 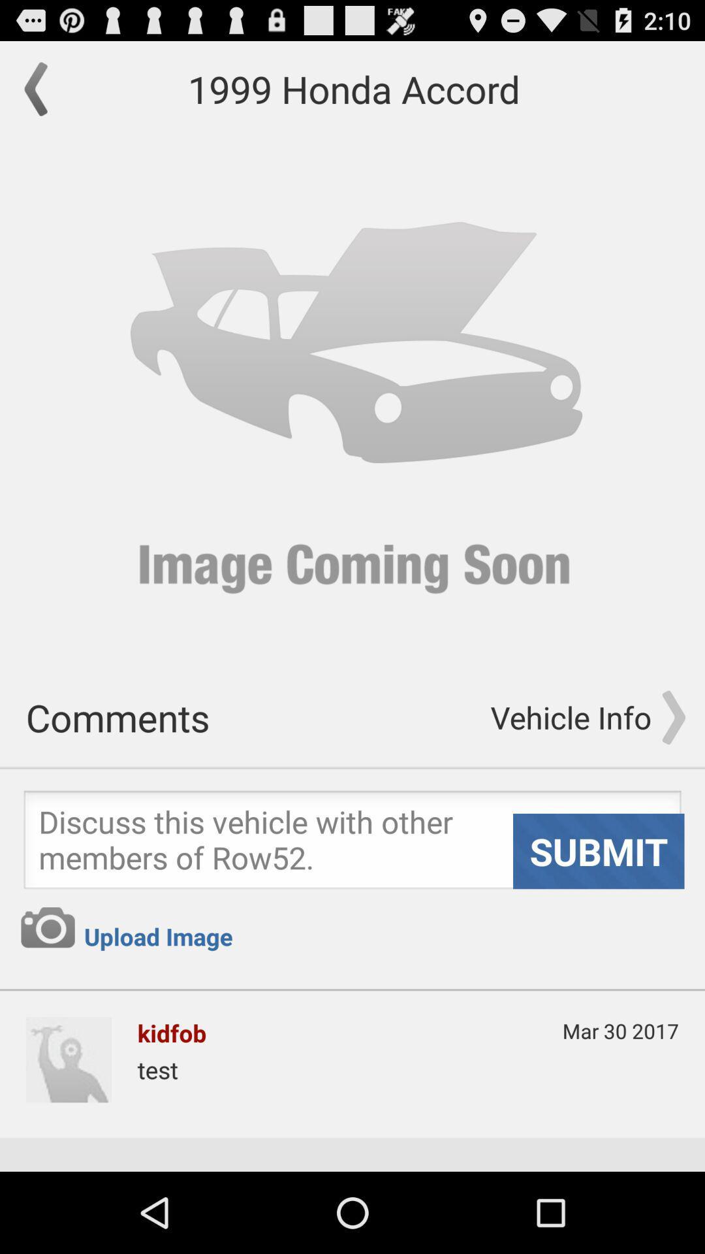 I want to click on type and submit a comment, so click(x=352, y=843).